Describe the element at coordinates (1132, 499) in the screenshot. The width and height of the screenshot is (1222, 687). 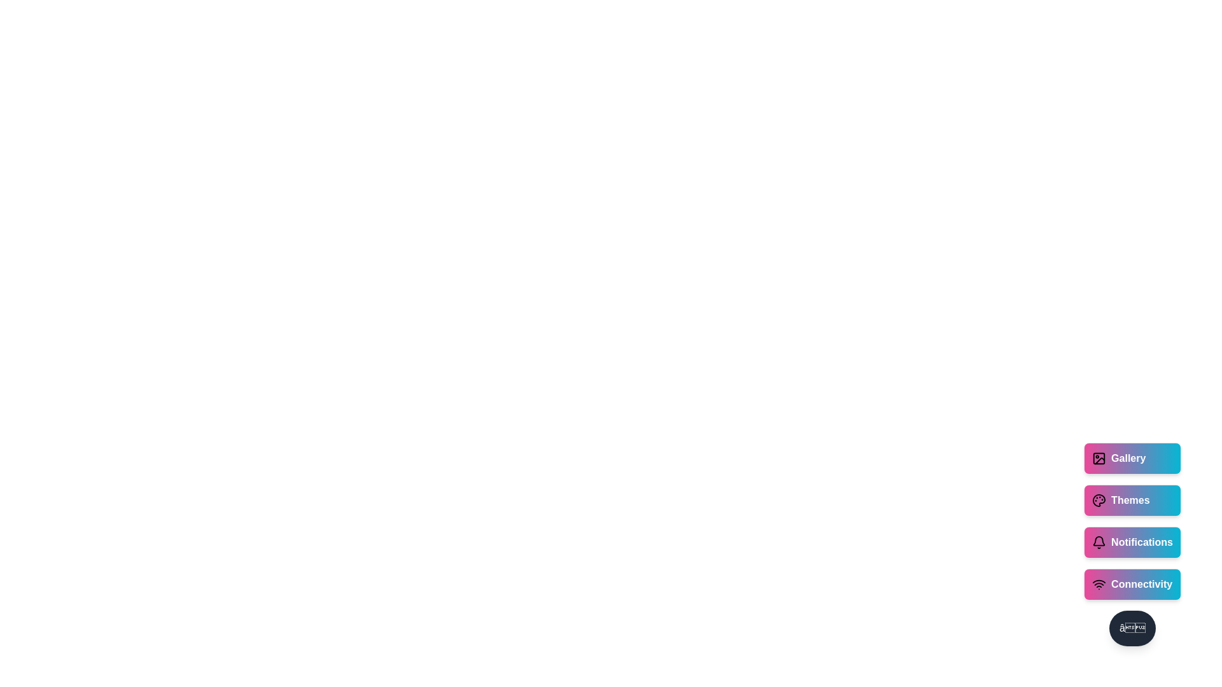
I see `the 'Themes' button, which is a rectangular button with rounded edges, displaying white text and a palette icon, located below the 'Gallery' button and above the 'Notifications' button` at that location.